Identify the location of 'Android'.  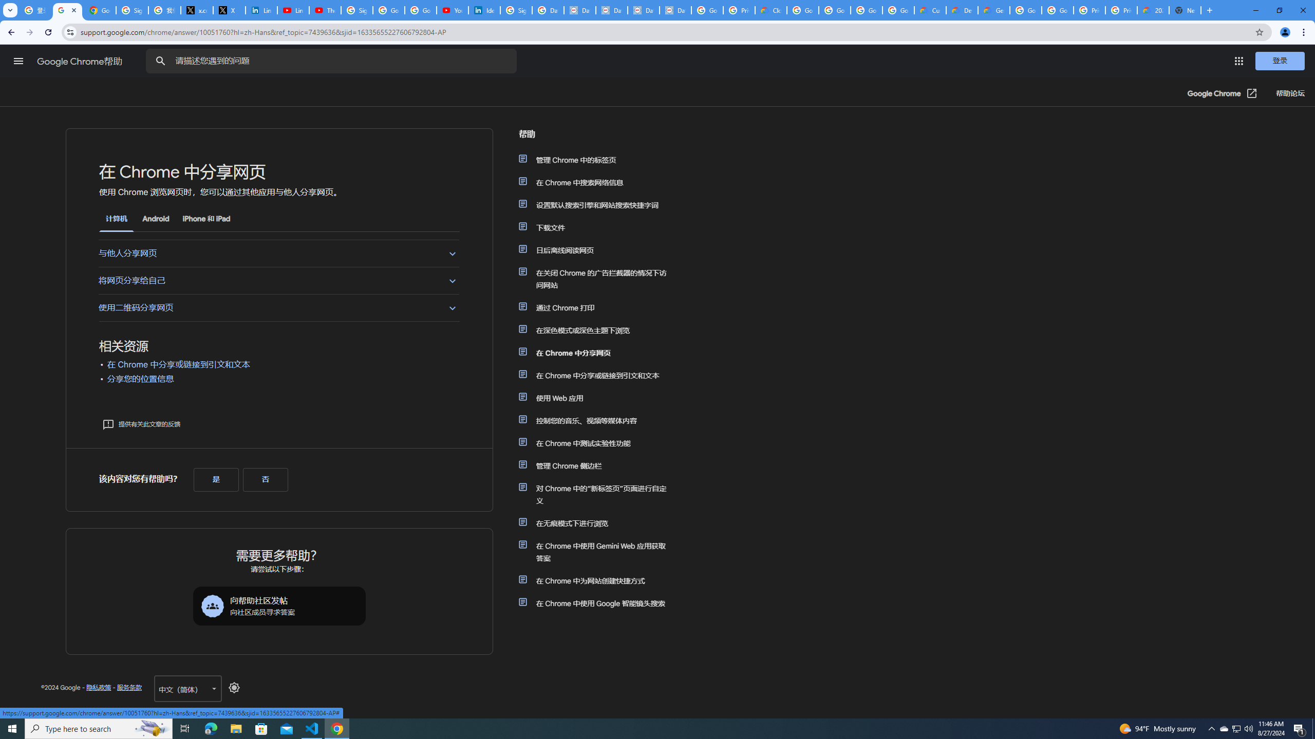
(155, 218).